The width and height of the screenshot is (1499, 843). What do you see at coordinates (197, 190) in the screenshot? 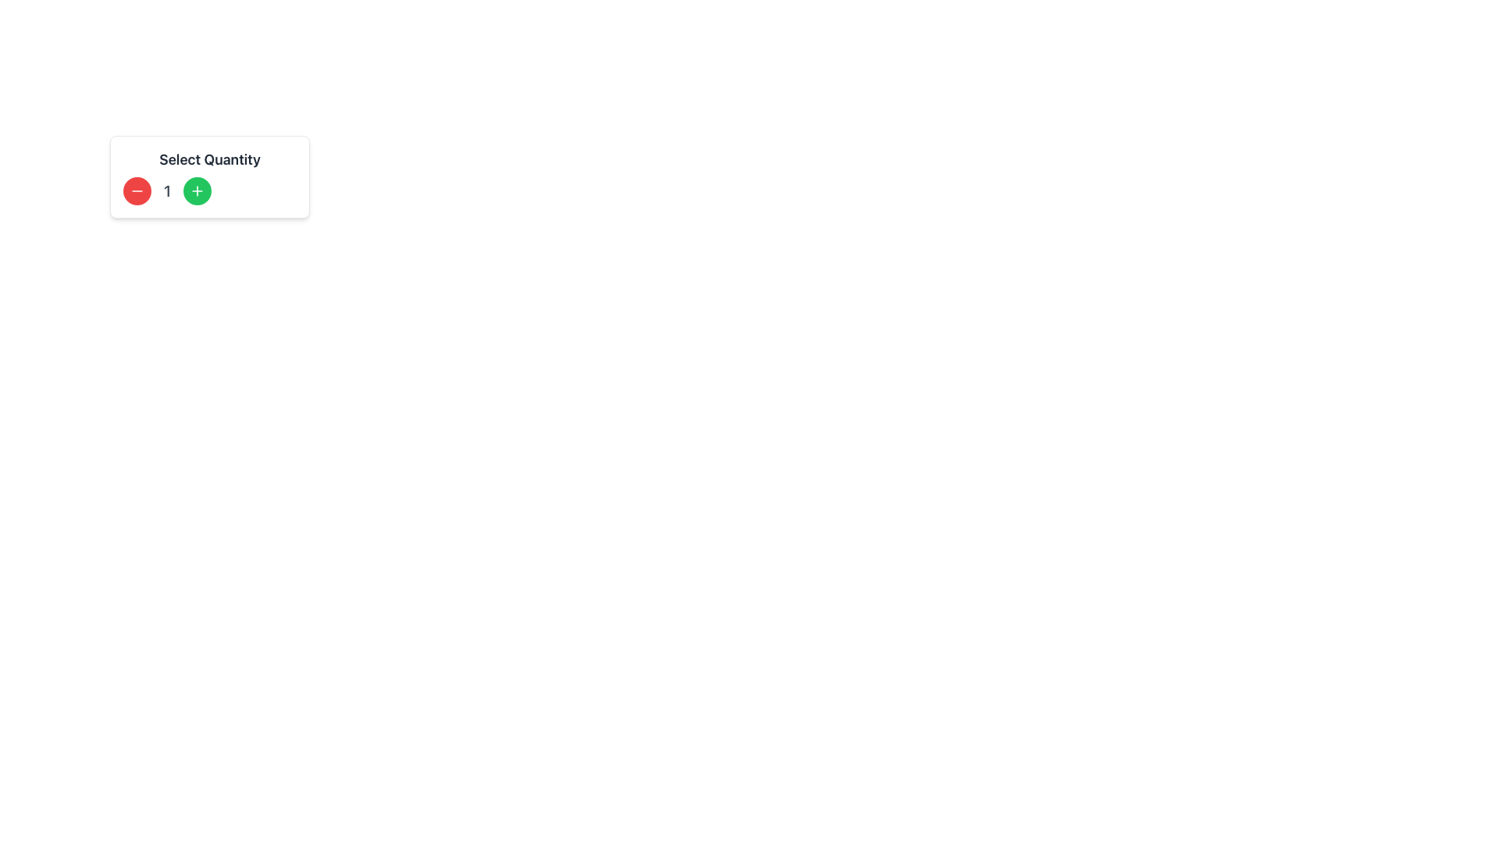
I see `the circular green button with a white plus icon located next to the number '1'` at bounding box center [197, 190].